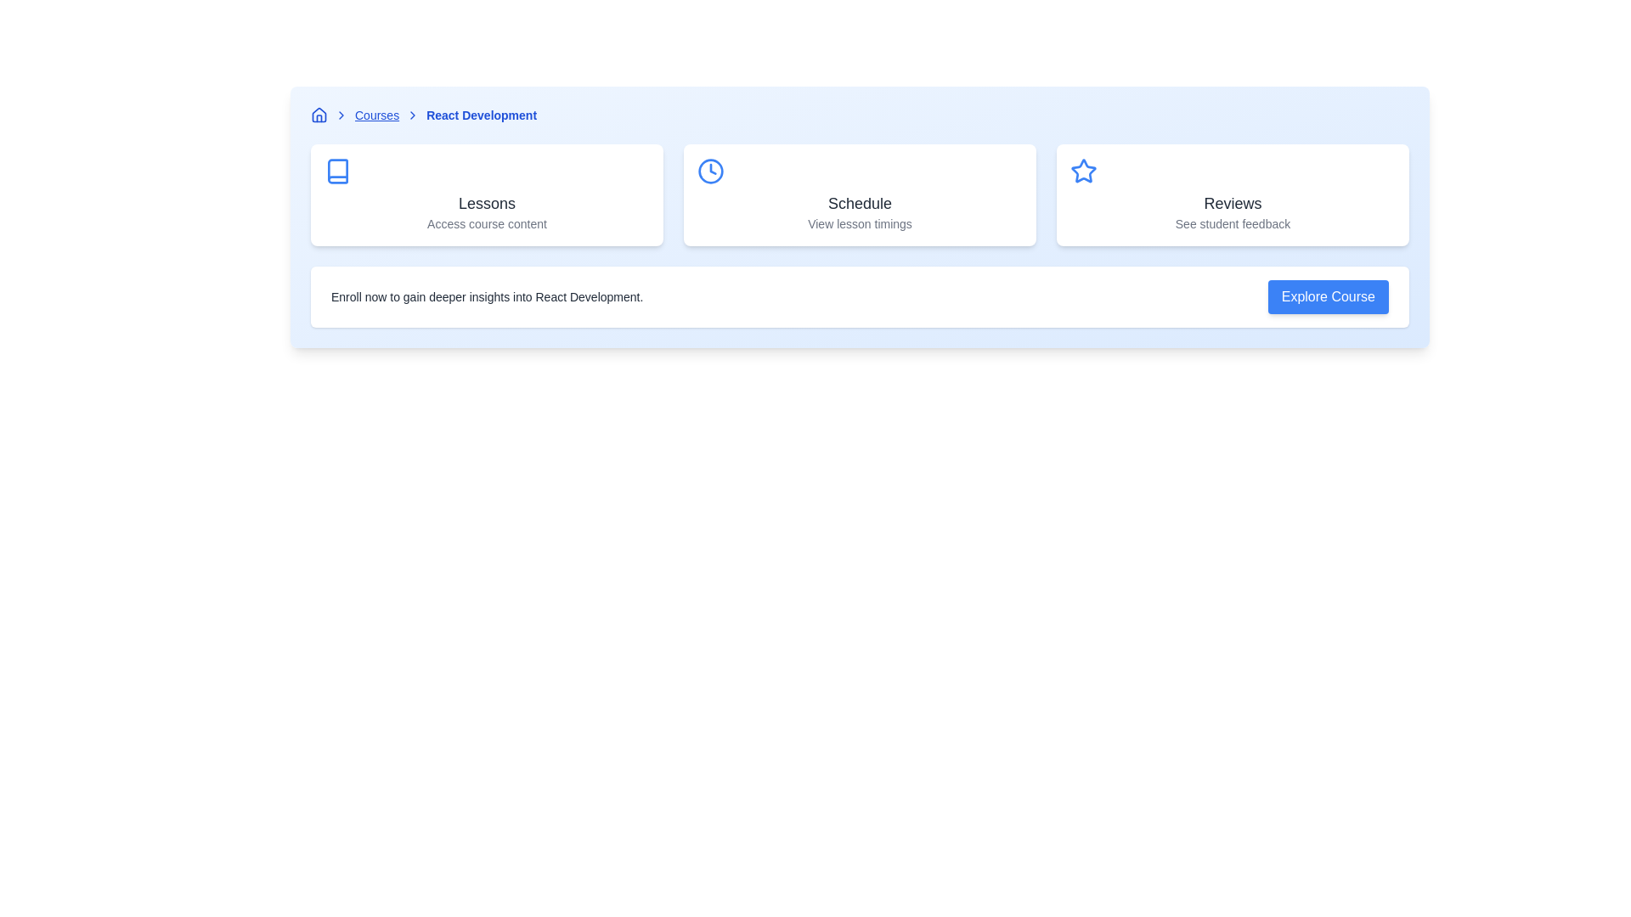 This screenshot has height=917, width=1631. What do you see at coordinates (1233, 202) in the screenshot?
I see `text label displaying 'Reviews', which is centrally aligned and positioned above the smaller text 'See student feedback'` at bounding box center [1233, 202].